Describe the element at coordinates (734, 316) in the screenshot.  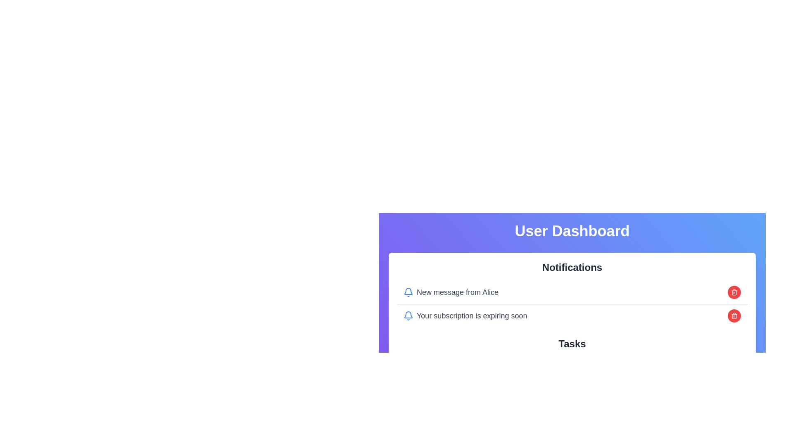
I see `the delete button located` at that location.